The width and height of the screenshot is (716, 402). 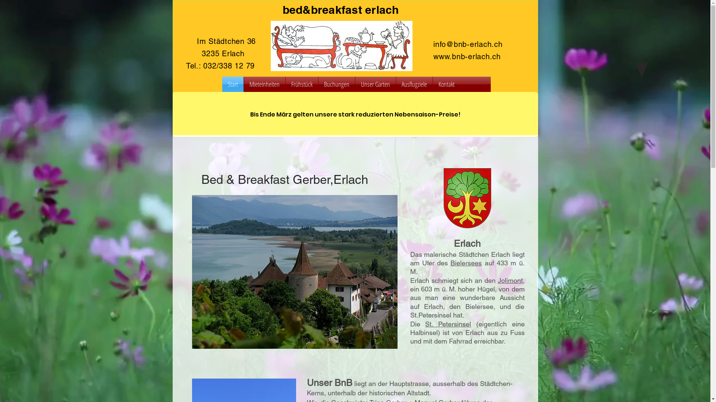 What do you see at coordinates (465, 262) in the screenshot?
I see `'Bielersees'` at bounding box center [465, 262].